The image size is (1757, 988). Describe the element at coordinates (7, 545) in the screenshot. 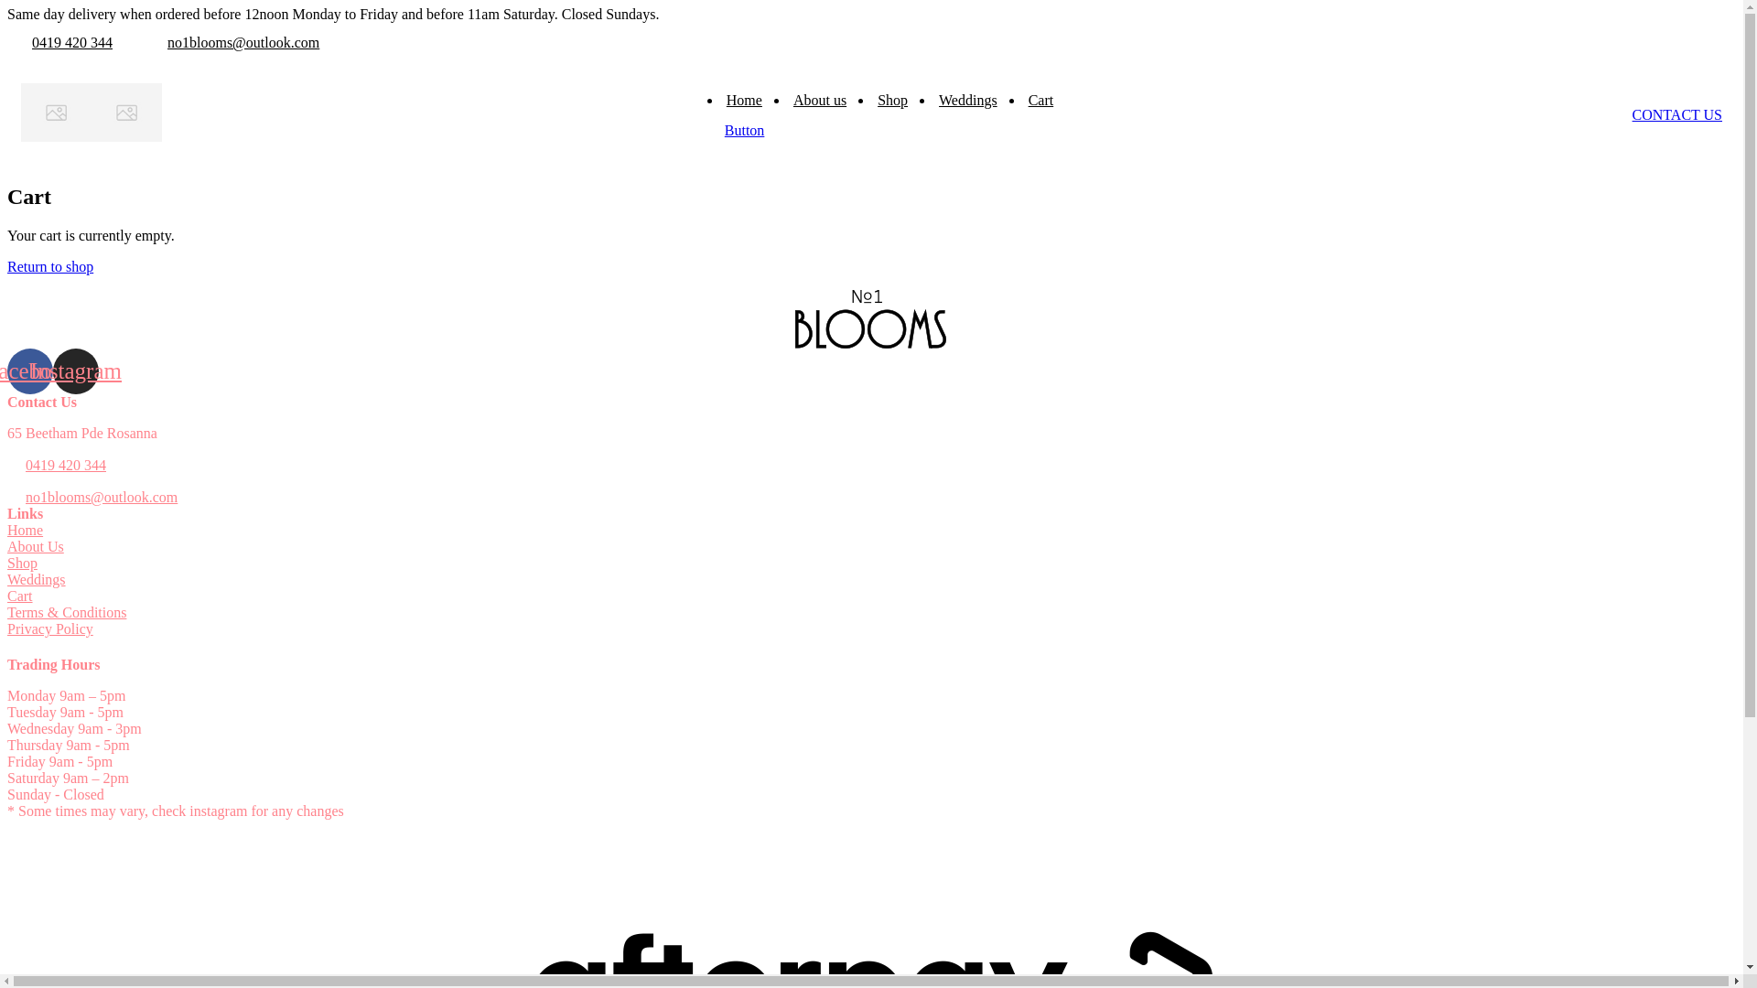

I see `'About Us'` at that location.